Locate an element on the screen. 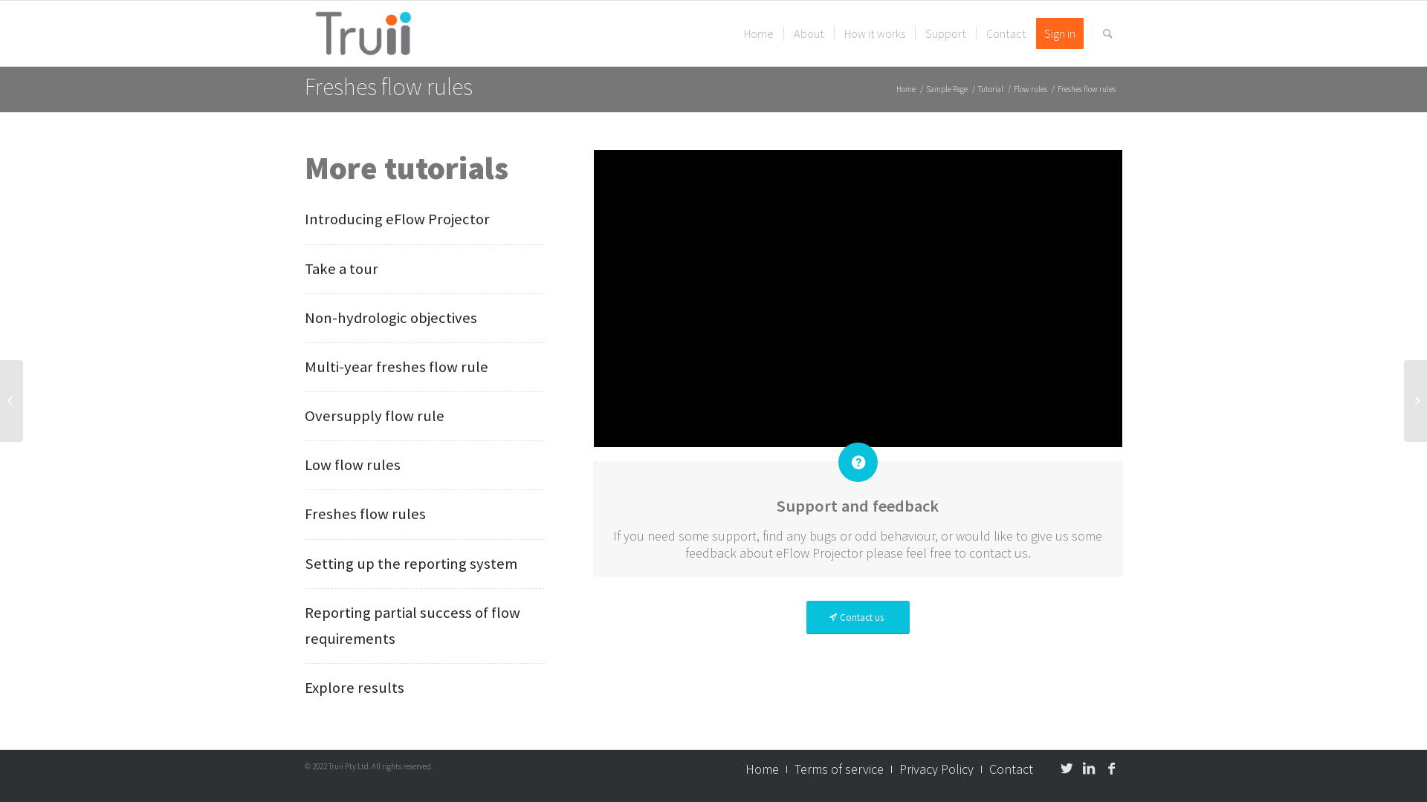 This screenshot has width=1427, height=802. 'Contact' is located at coordinates (1006, 33).